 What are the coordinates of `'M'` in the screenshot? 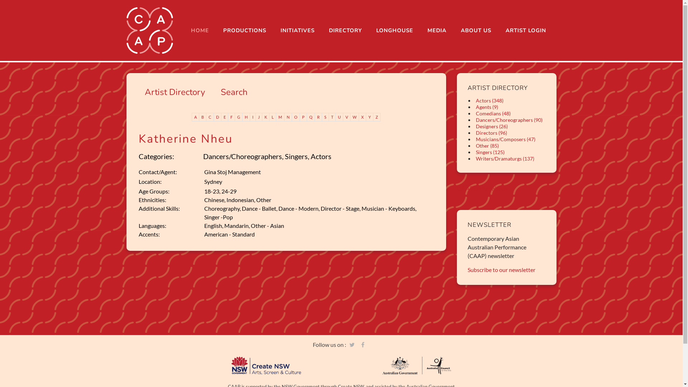 It's located at (280, 117).